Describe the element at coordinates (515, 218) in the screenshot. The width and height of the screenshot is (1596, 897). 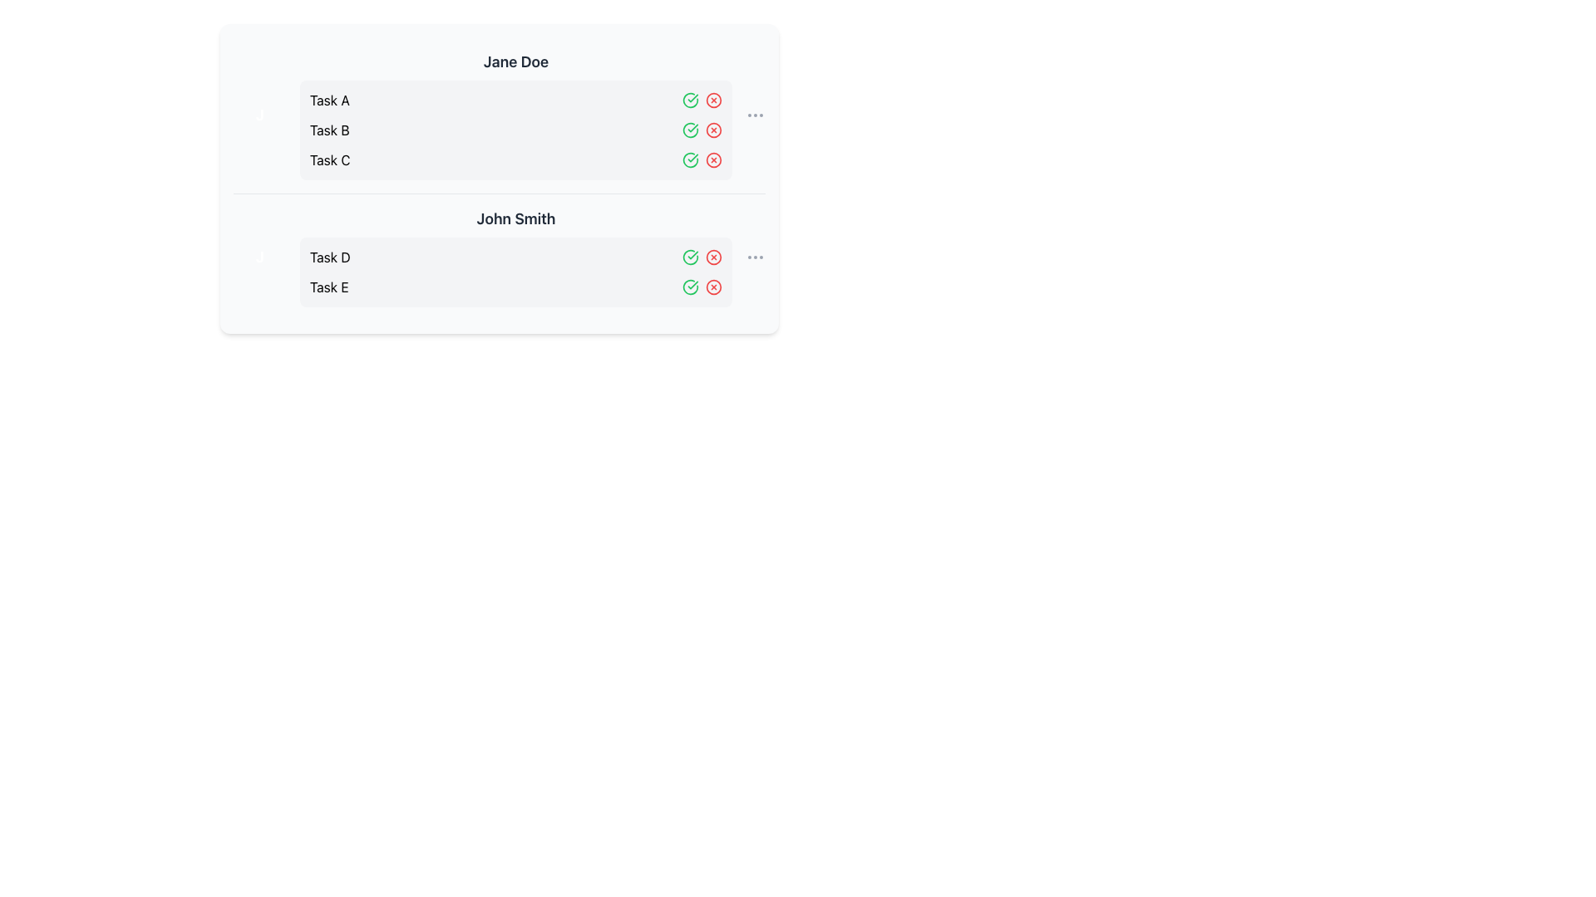
I see `the Text Label displaying 'John Smith', which is styled with a bold and large font in dark gray, positioned above 'Task D' and 'Task E'` at that location.